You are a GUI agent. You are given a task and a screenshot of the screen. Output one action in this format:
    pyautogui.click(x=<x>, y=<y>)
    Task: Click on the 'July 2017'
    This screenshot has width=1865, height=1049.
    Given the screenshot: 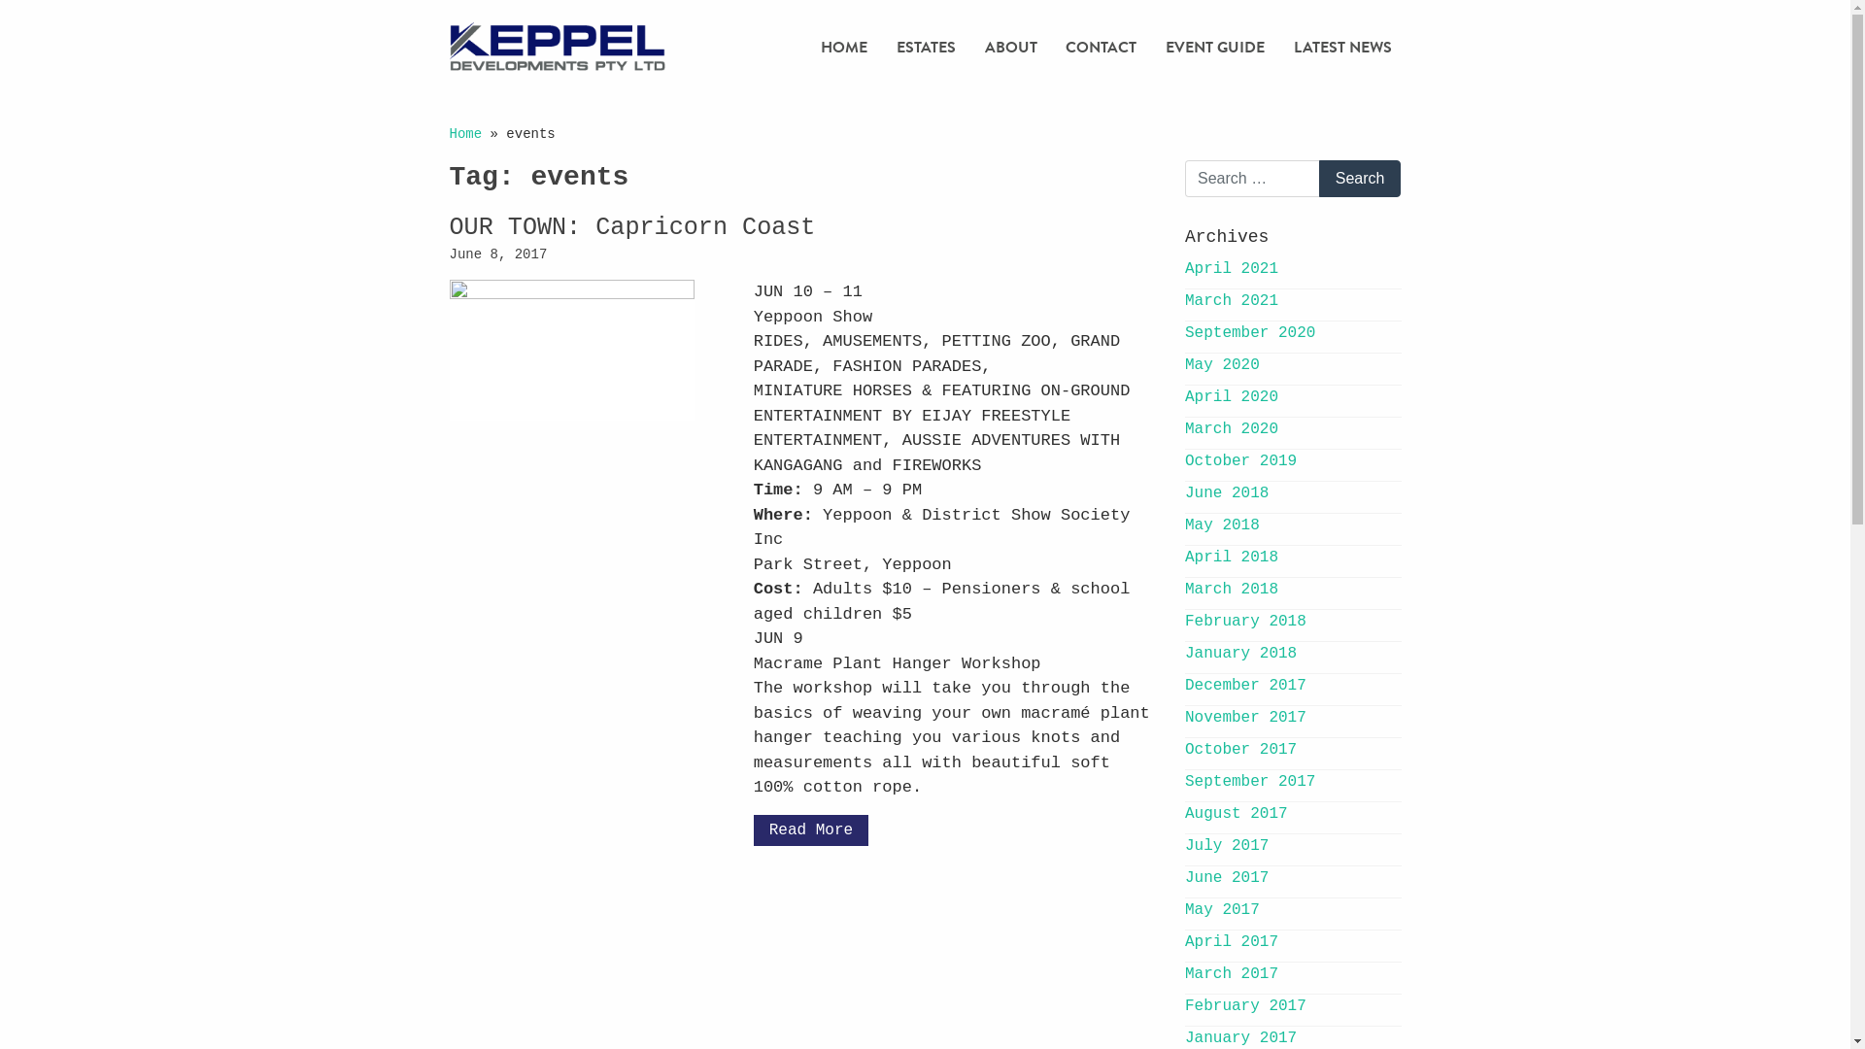 What is the action you would take?
    pyautogui.click(x=1225, y=845)
    